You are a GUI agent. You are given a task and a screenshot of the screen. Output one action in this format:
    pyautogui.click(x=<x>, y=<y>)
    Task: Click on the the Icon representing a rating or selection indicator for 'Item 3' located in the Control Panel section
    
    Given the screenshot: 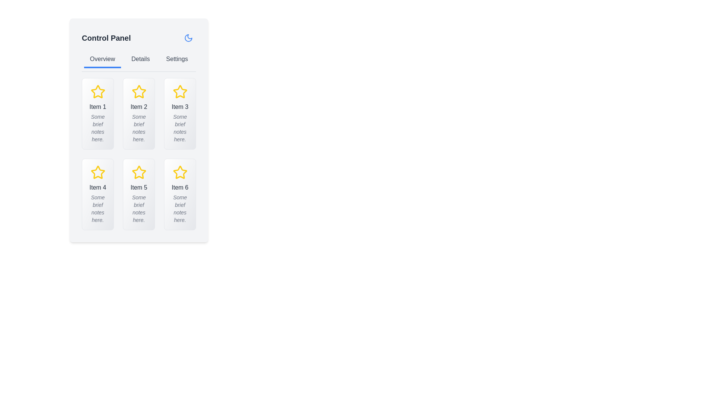 What is the action you would take?
    pyautogui.click(x=179, y=91)
    